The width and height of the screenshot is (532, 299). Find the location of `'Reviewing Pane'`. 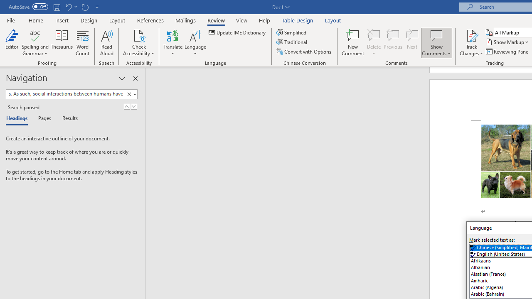

'Reviewing Pane' is located at coordinates (507, 51).